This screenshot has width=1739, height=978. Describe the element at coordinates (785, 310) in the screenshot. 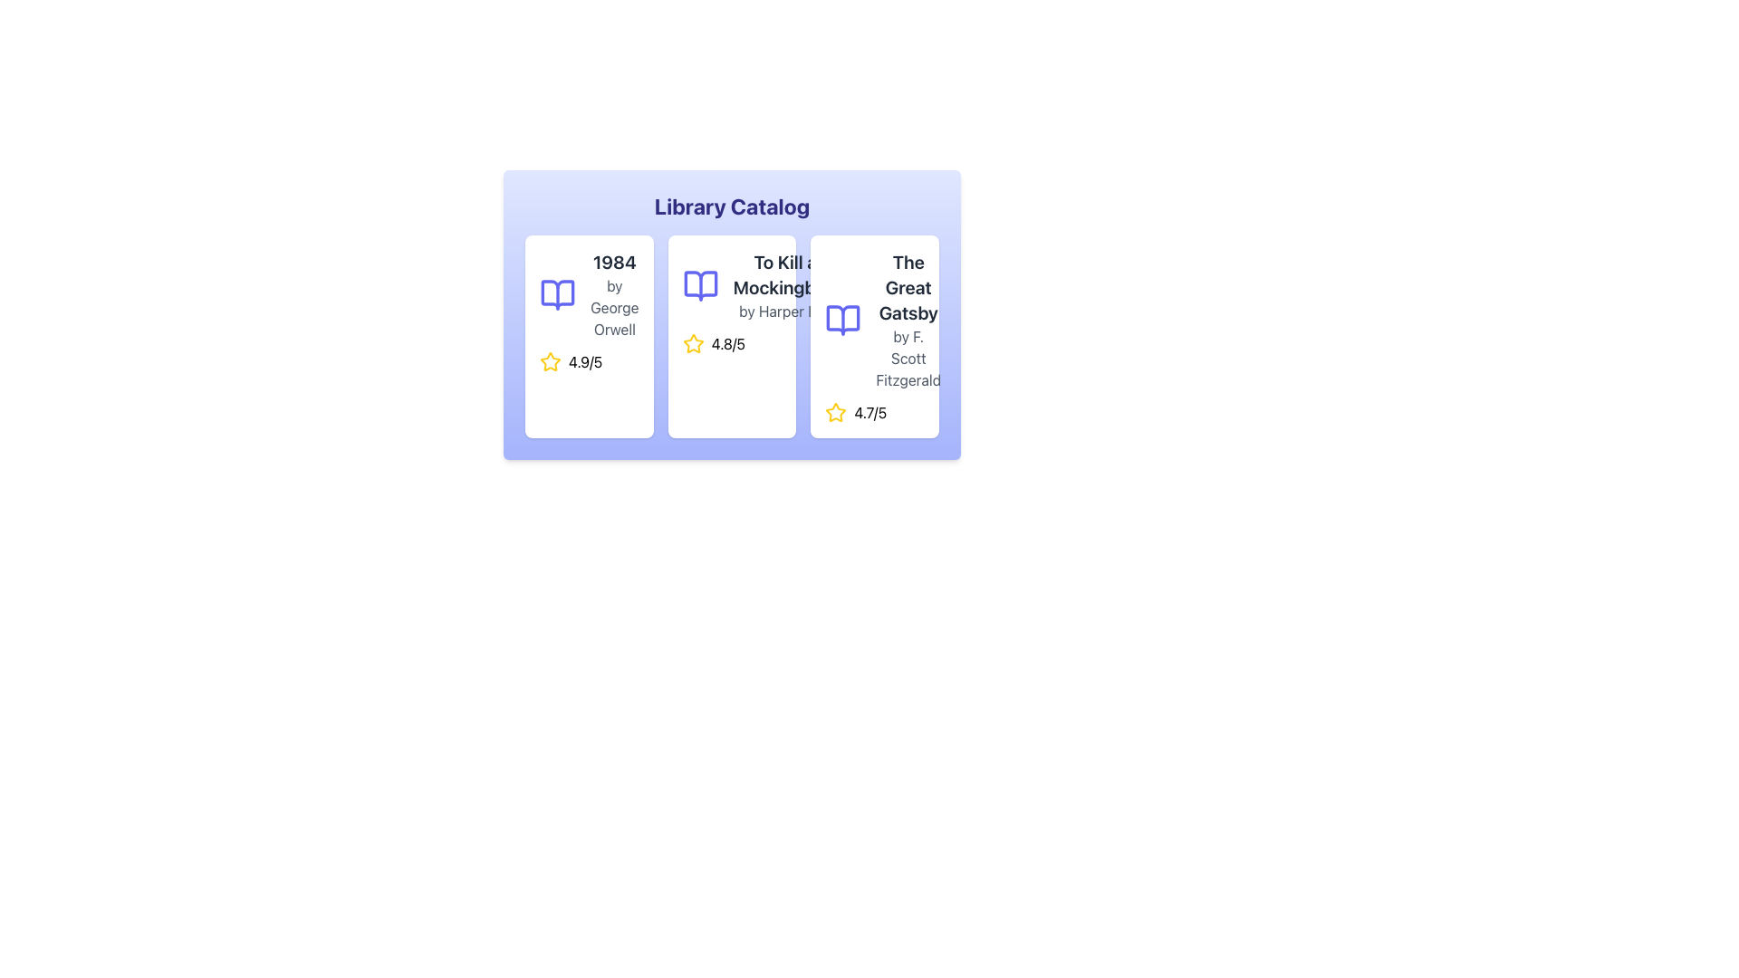

I see `the Text label displaying the author's name 'Harper Lee', located directly below the title 'To Kill a Mockingbird' in the middle card of the catalog` at that location.